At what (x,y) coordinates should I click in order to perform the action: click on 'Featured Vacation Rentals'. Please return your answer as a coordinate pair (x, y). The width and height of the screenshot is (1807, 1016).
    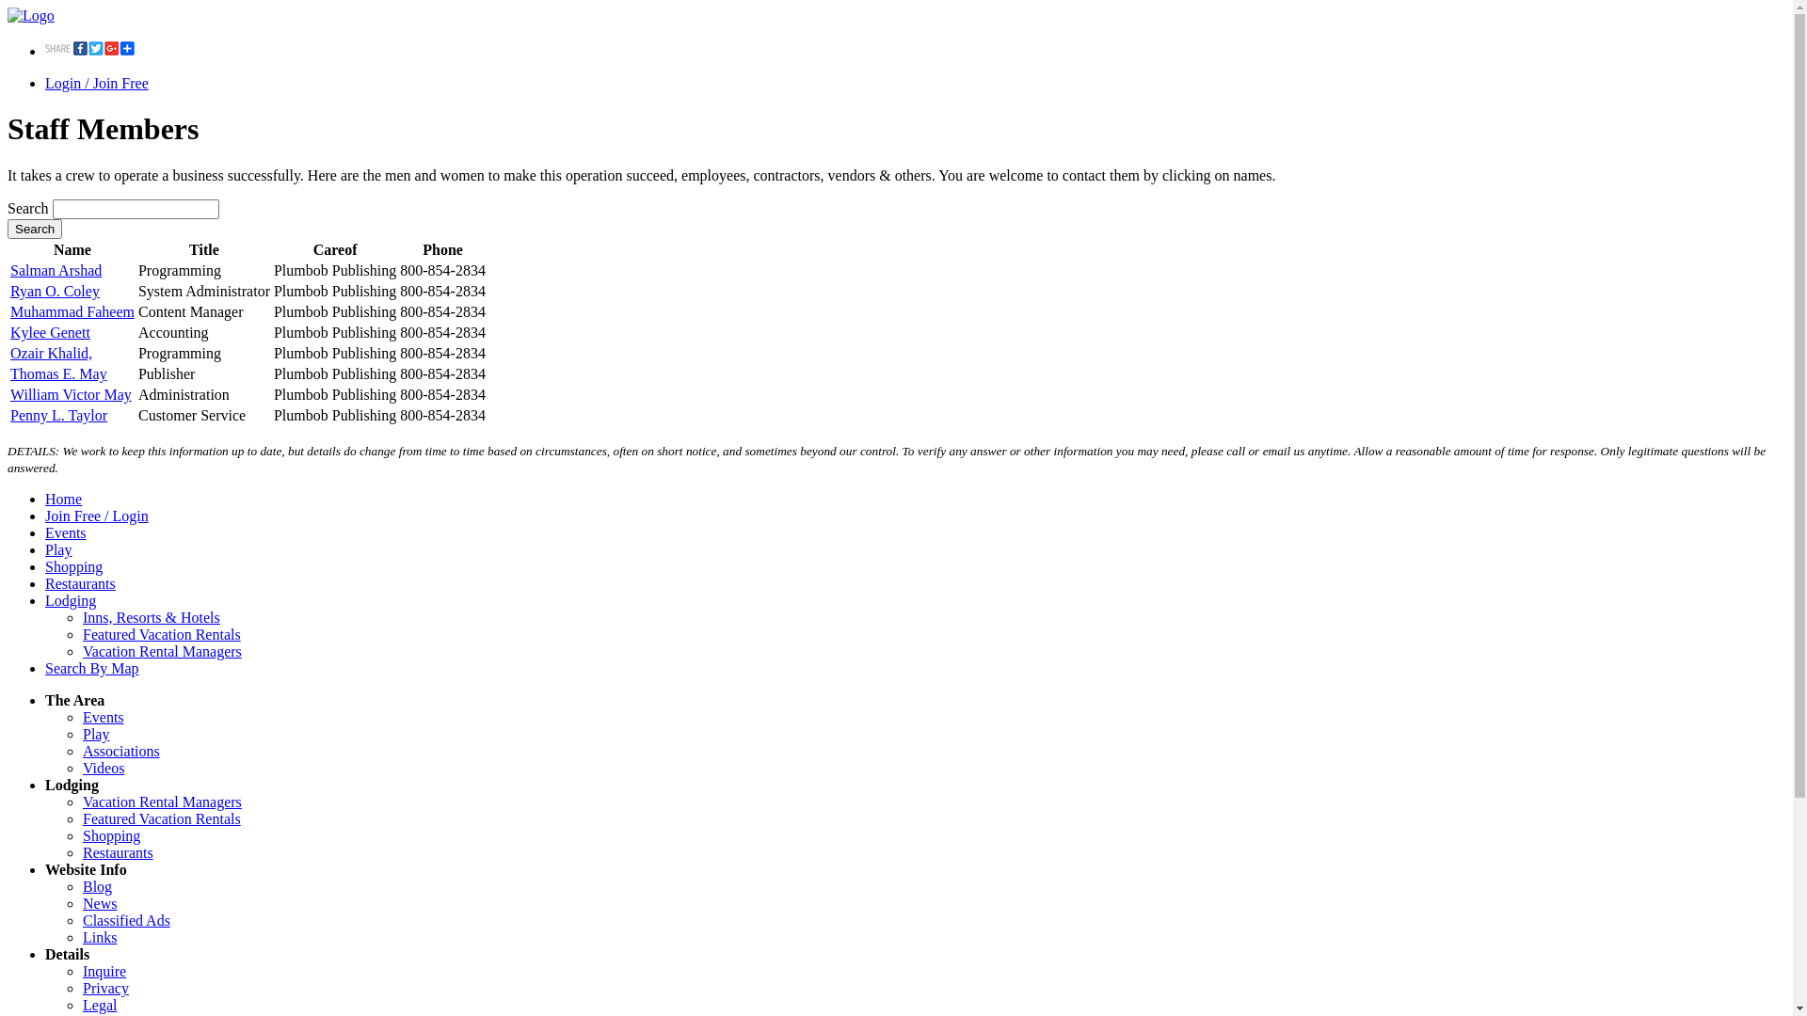
    Looking at the image, I should click on (162, 634).